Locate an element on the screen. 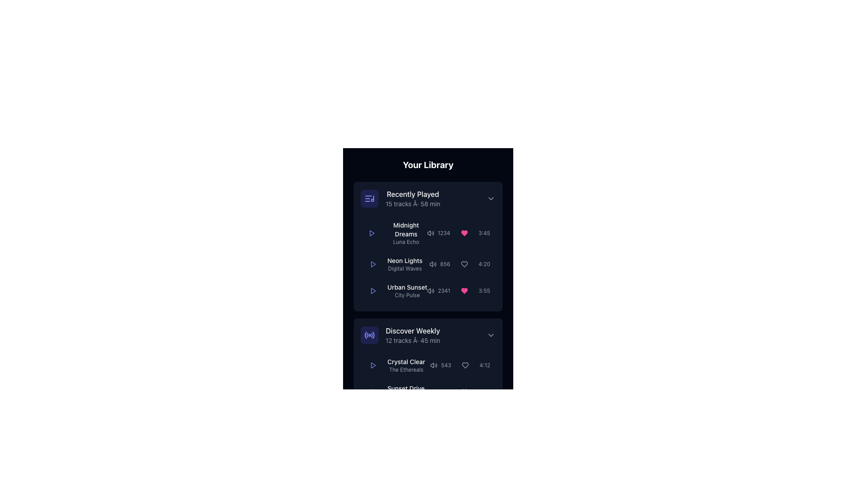 Image resolution: width=851 pixels, height=479 pixels. the 'Recently Played' text element, which is styled in white color and located at the top of the card-like interface, above additional descriptive text is located at coordinates (412, 194).